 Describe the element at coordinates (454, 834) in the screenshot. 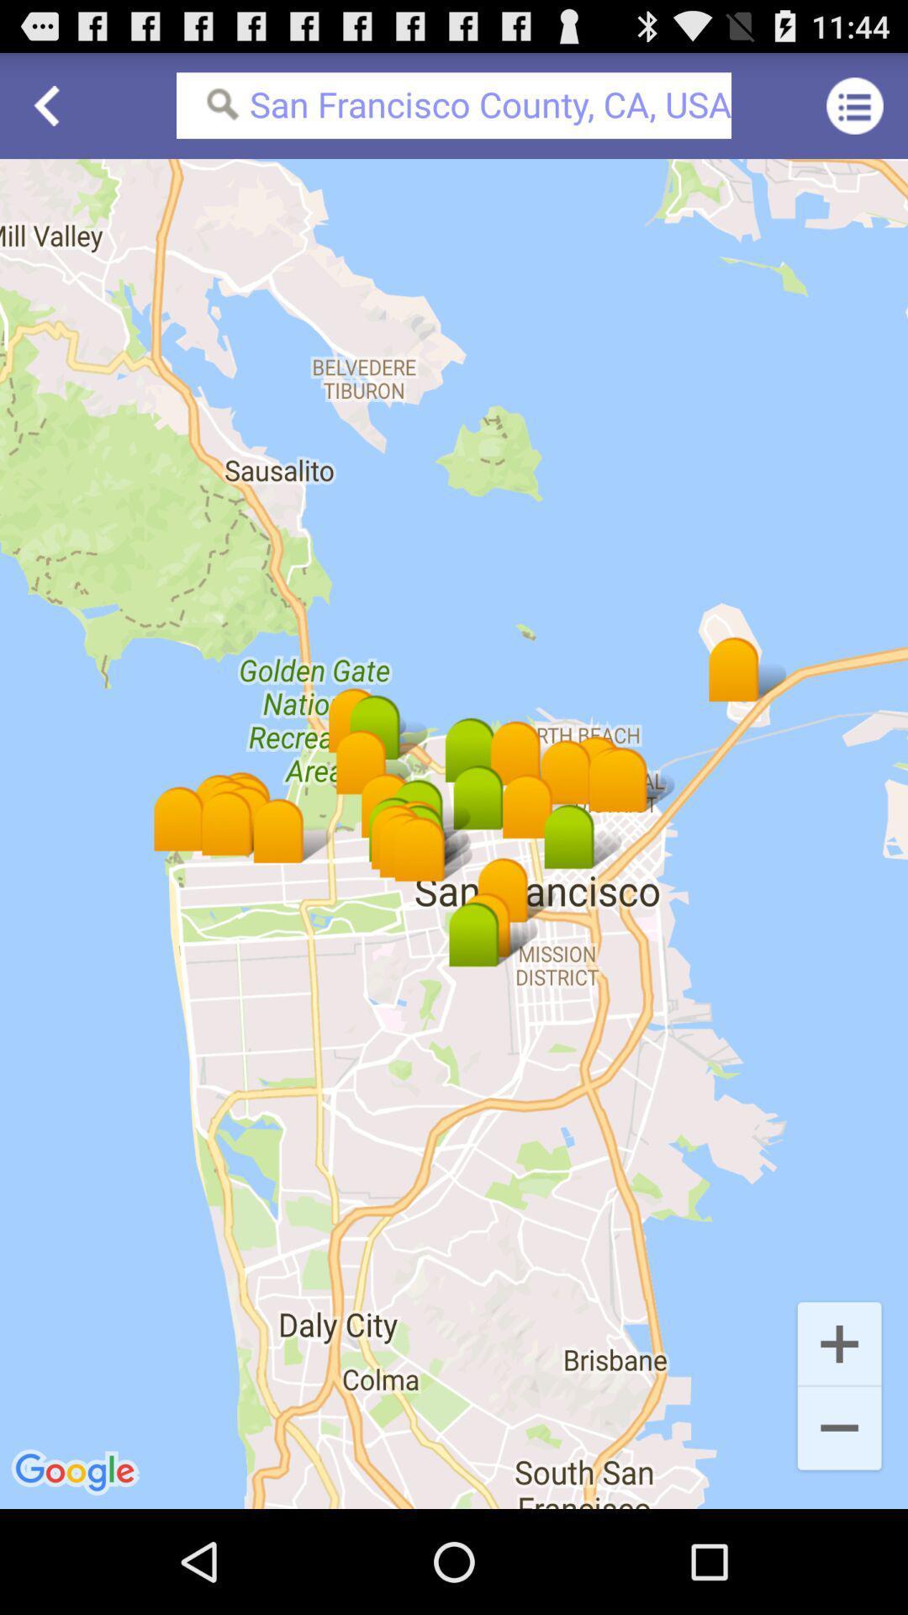

I see `the icon at the center` at that location.